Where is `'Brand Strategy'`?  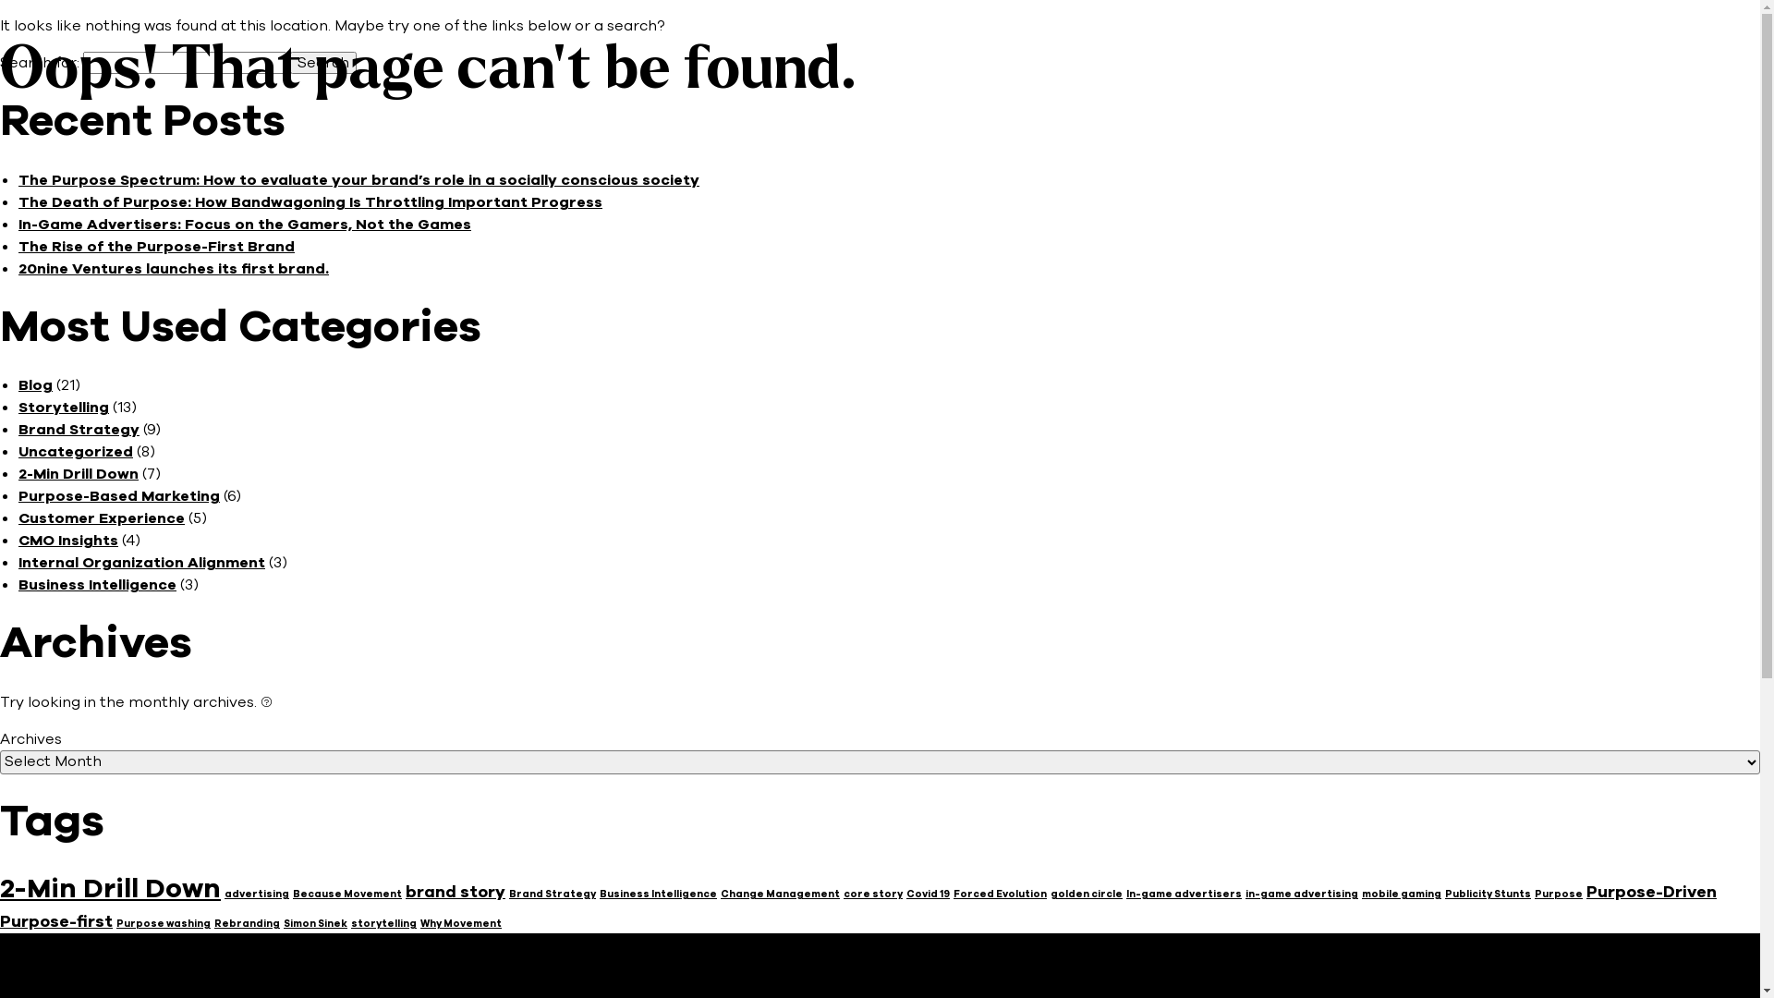
'Brand Strategy' is located at coordinates (552, 893).